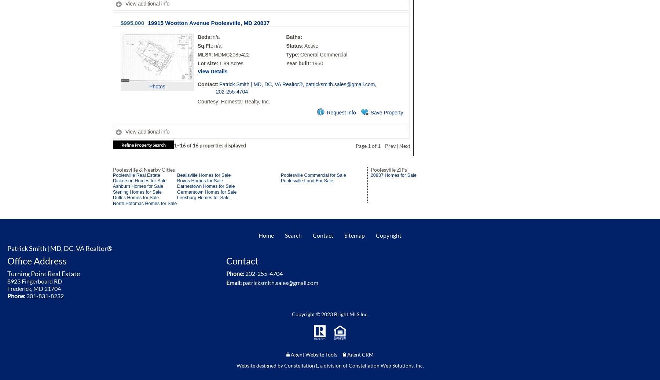  Describe the element at coordinates (258, 235) in the screenshot. I see `'Home'` at that location.